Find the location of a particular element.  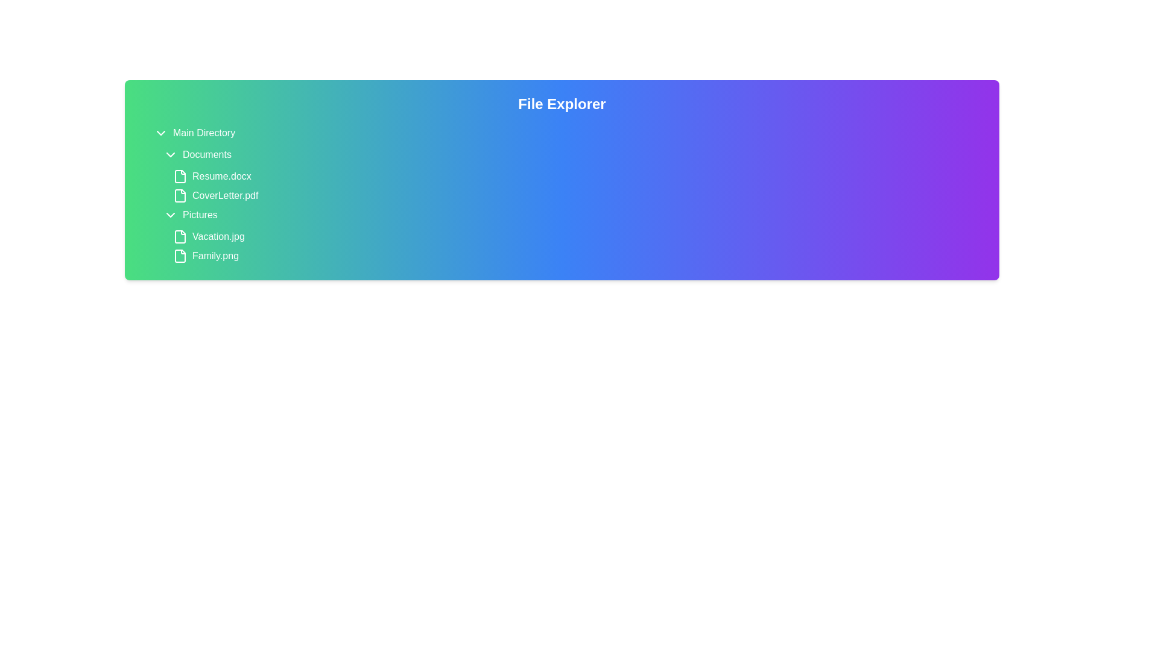

the text label displaying the filename 'Family.png' is located at coordinates (215, 255).